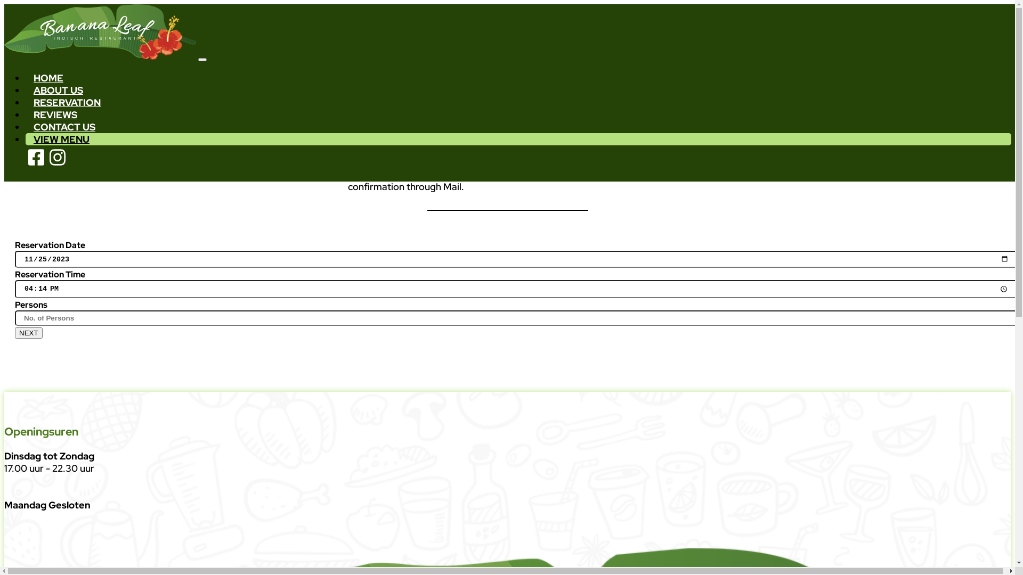 The height and width of the screenshot is (575, 1023). Describe the element at coordinates (61, 138) in the screenshot. I see `'VIEW MENU'` at that location.